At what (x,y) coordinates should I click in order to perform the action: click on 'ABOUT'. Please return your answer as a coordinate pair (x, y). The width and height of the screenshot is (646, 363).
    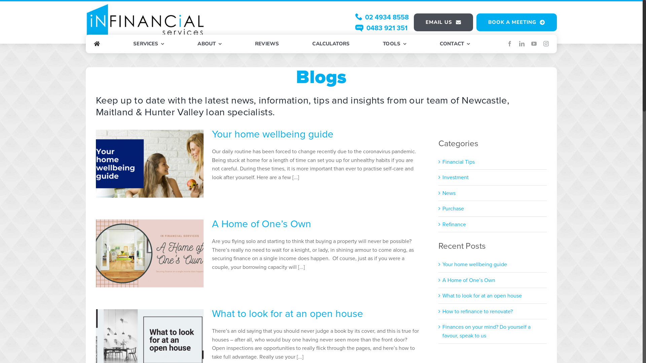
    Looking at the image, I should click on (209, 44).